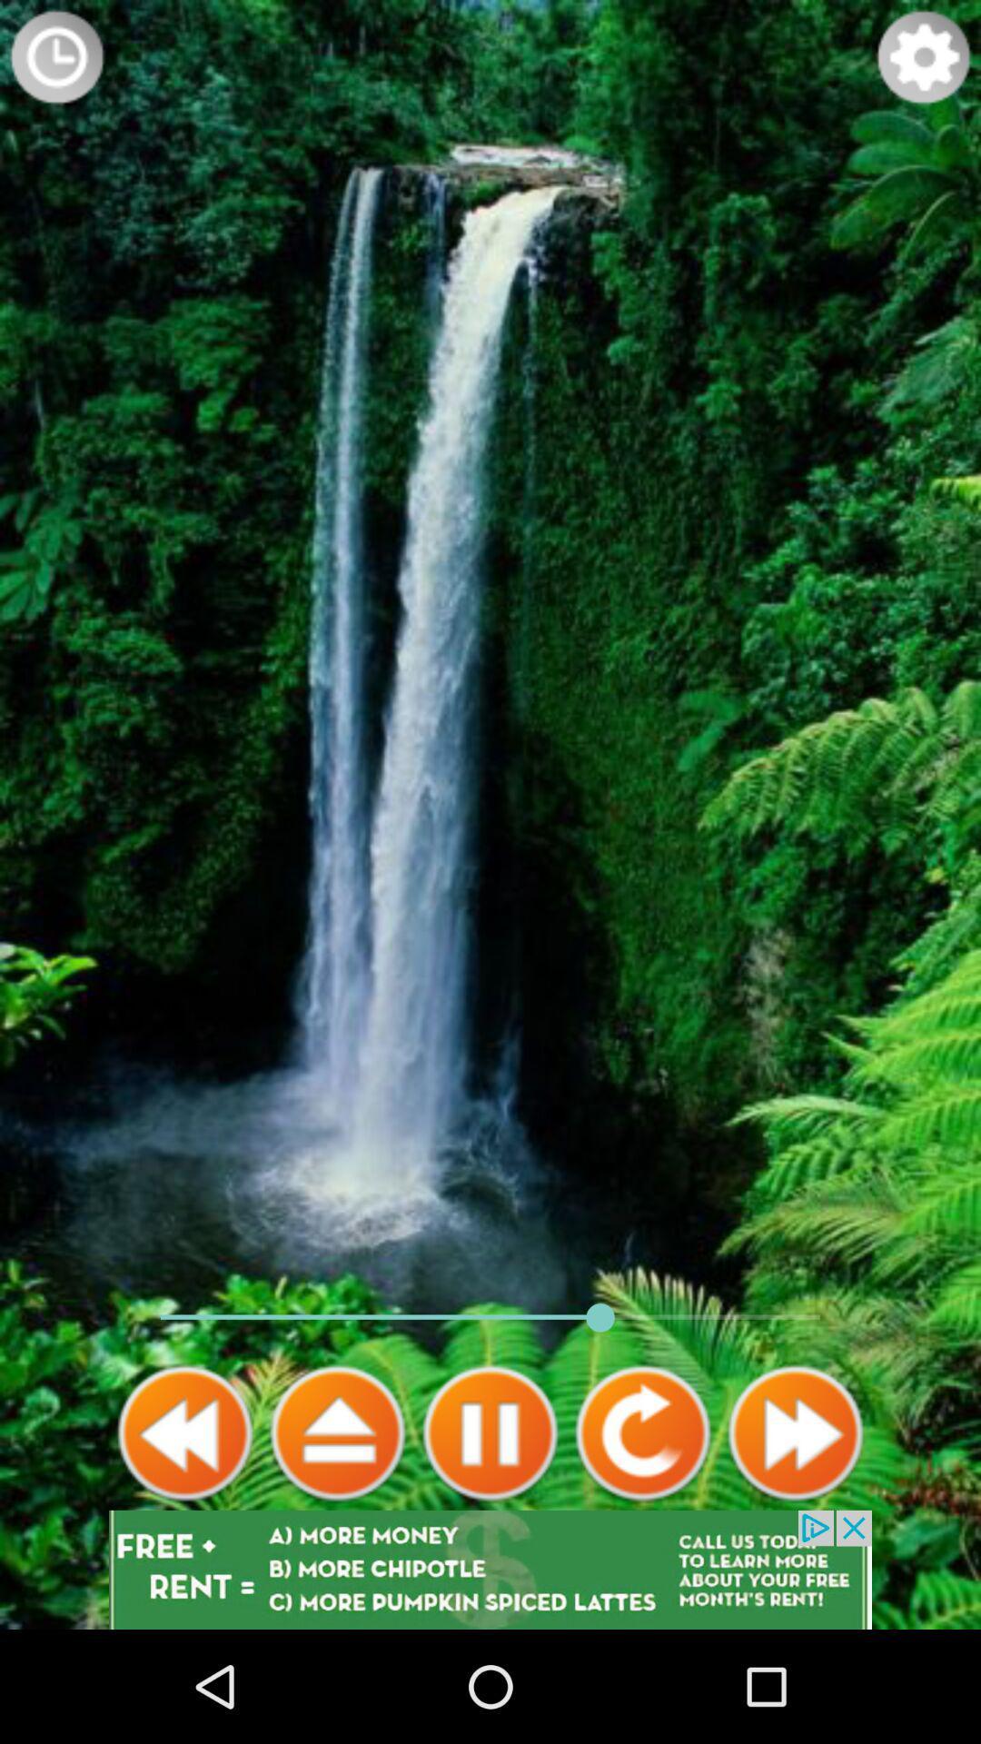 The image size is (981, 1744). What do you see at coordinates (794, 1533) in the screenshot?
I see `the av_forward icon` at bounding box center [794, 1533].